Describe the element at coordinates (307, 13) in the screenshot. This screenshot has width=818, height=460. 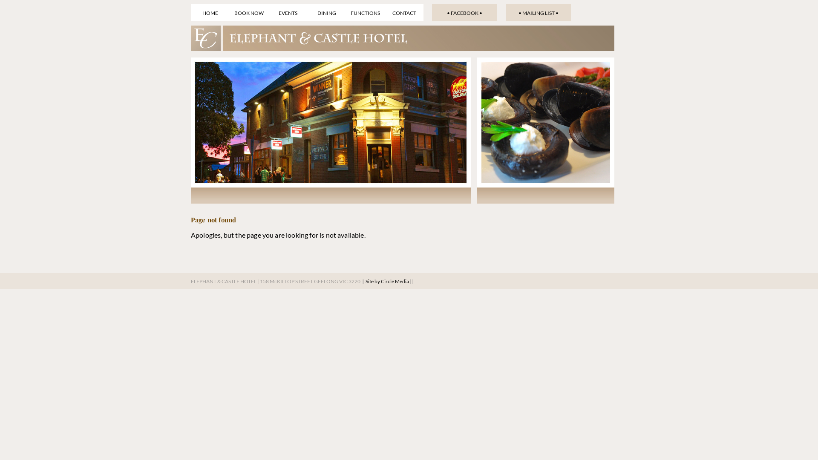
I see `'DINING'` at that location.